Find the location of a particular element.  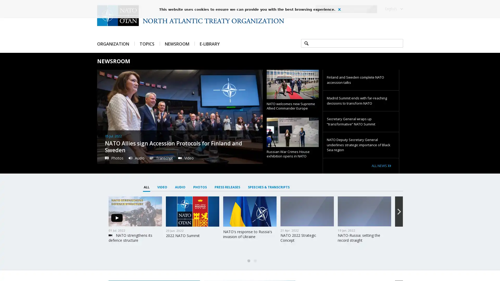

2 is located at coordinates (255, 261).